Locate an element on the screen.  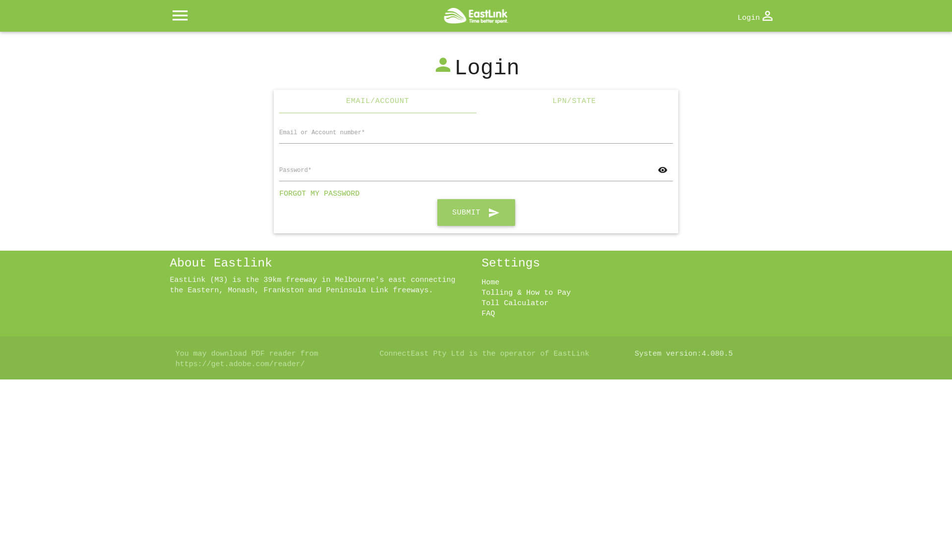
'https://get.adobe.com/reader/' is located at coordinates (240, 364).